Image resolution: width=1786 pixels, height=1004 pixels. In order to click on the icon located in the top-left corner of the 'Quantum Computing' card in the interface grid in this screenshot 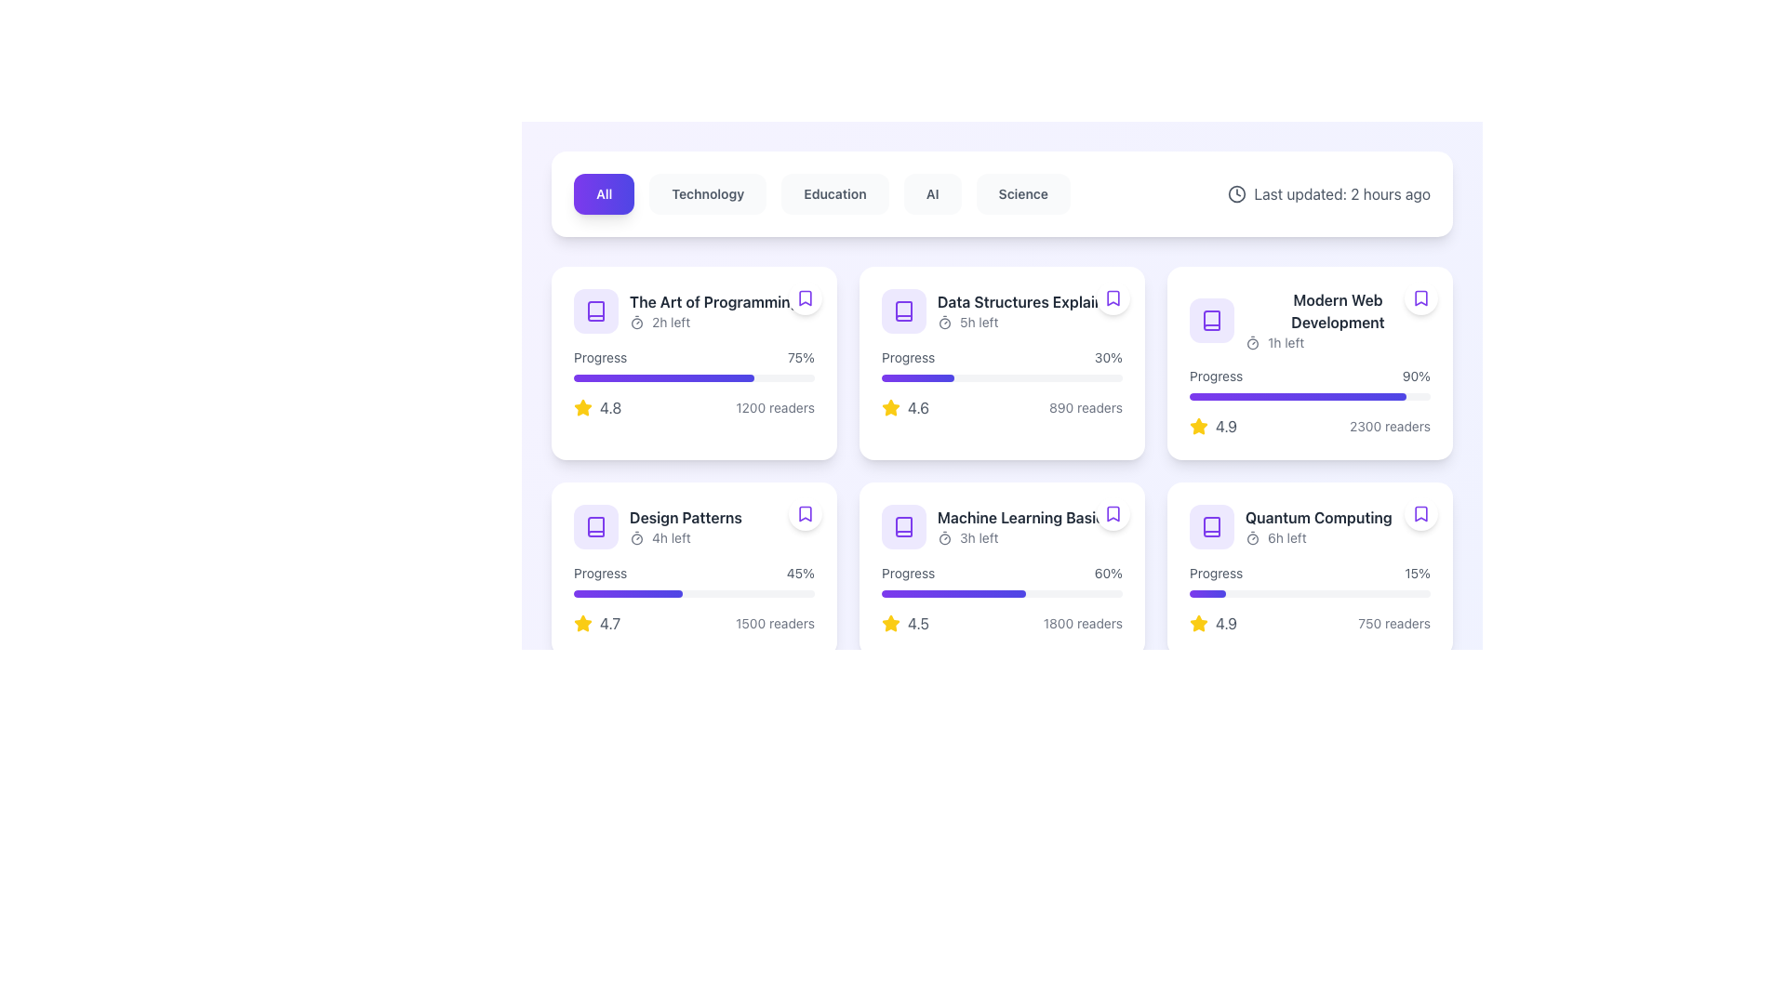, I will do `click(1211, 527)`.